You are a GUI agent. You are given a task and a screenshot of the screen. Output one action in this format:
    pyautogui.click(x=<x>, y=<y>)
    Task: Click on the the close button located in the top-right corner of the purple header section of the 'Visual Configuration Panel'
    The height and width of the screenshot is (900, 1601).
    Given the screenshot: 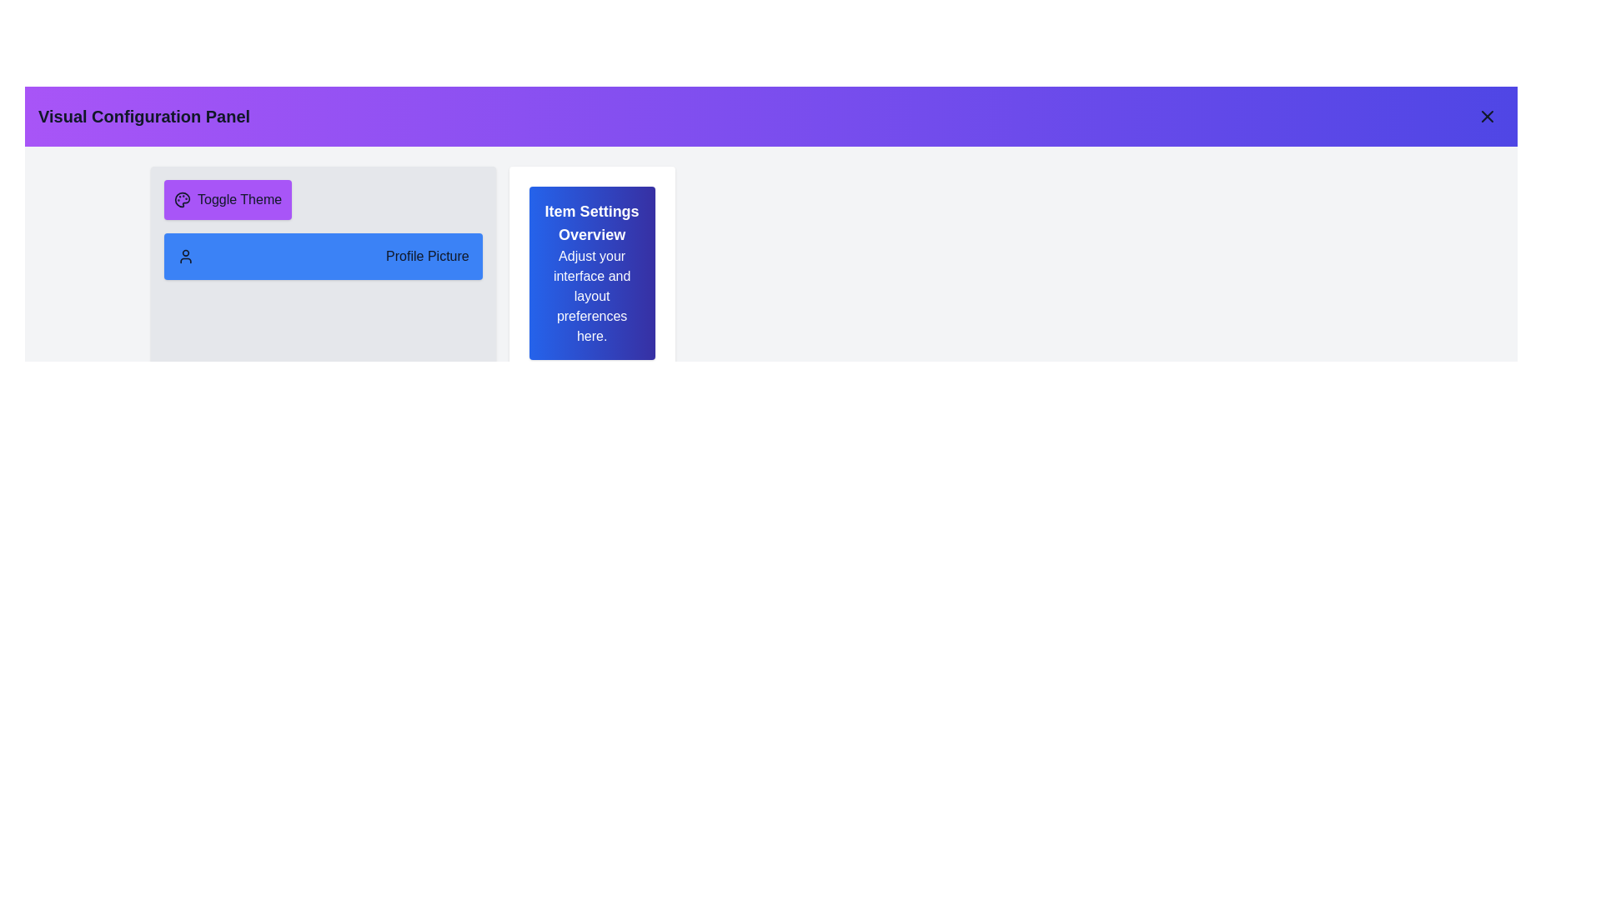 What is the action you would take?
    pyautogui.click(x=1488, y=115)
    